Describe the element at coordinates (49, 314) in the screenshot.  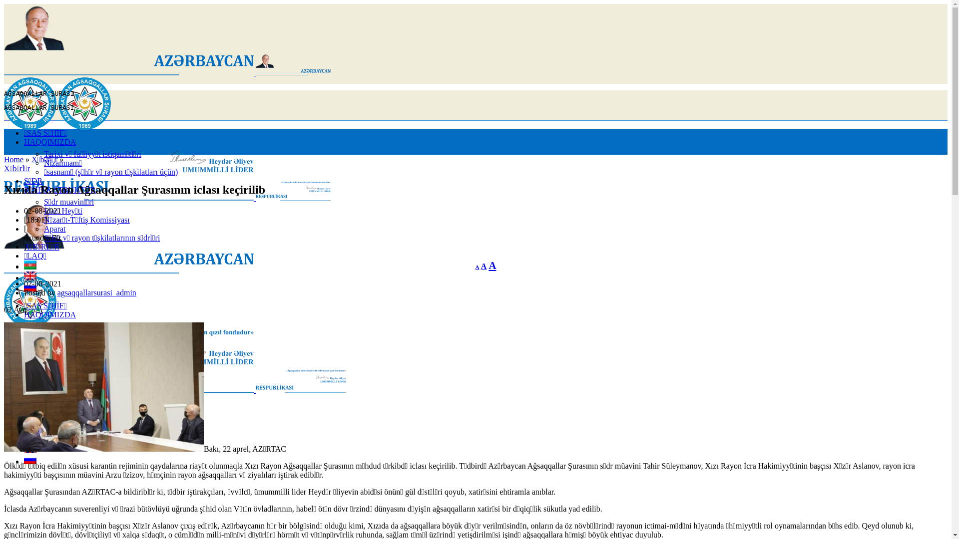
I see `'HAQQIMIZDA'` at that location.